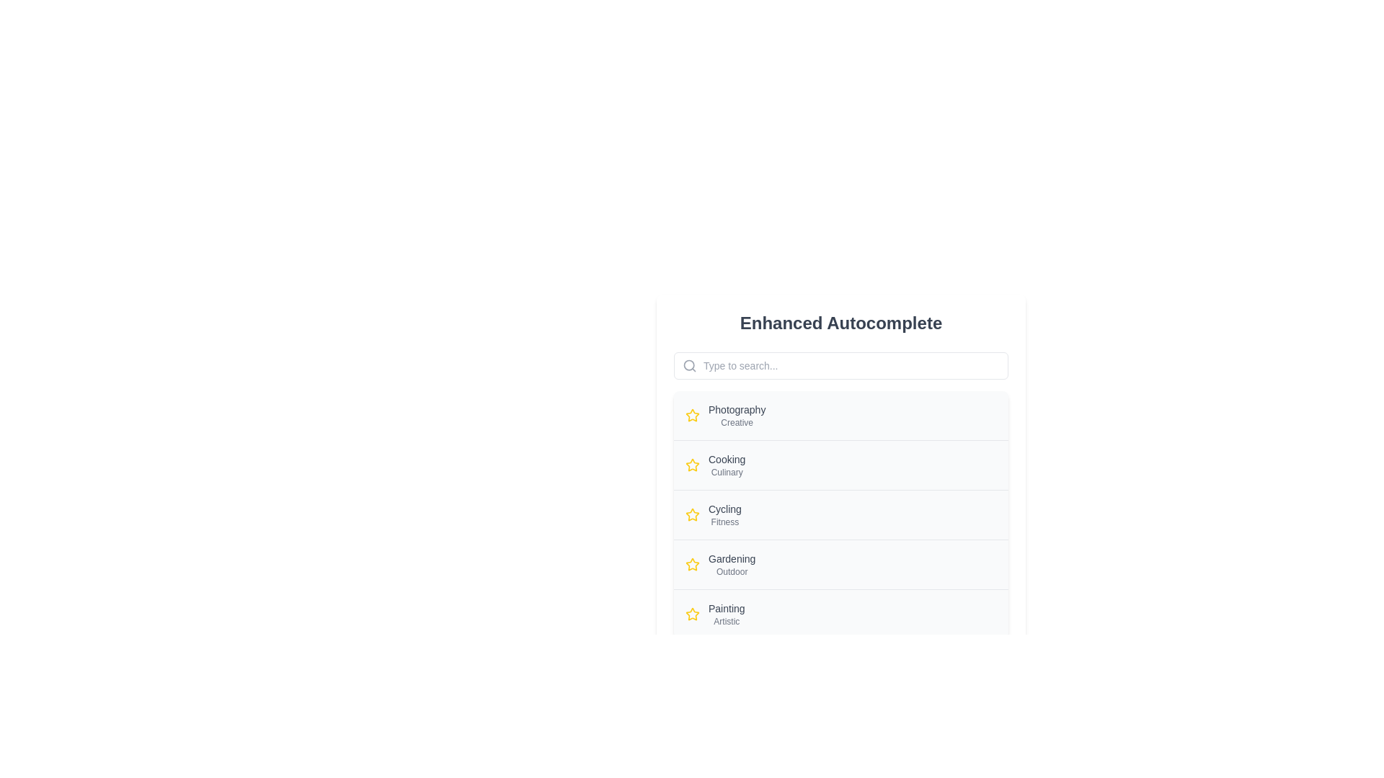 Image resolution: width=1384 pixels, height=778 pixels. What do you see at coordinates (727, 465) in the screenshot?
I see `the List item label displaying 'Cooking' and 'Culinary'` at bounding box center [727, 465].